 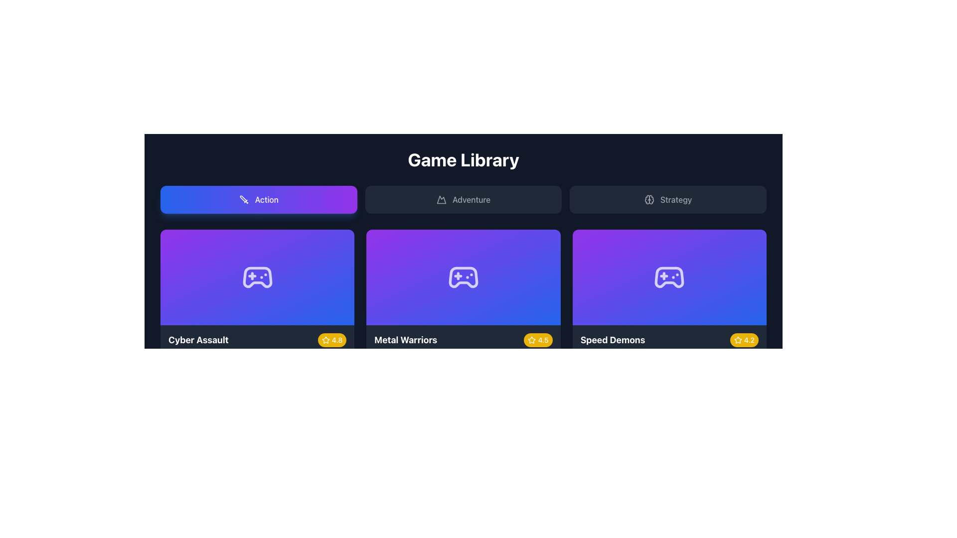 I want to click on the rating information represented visually by the star icon within the yellow badge located at the bottom right of the second card in the 'Game Library' section, so click(x=531, y=339).